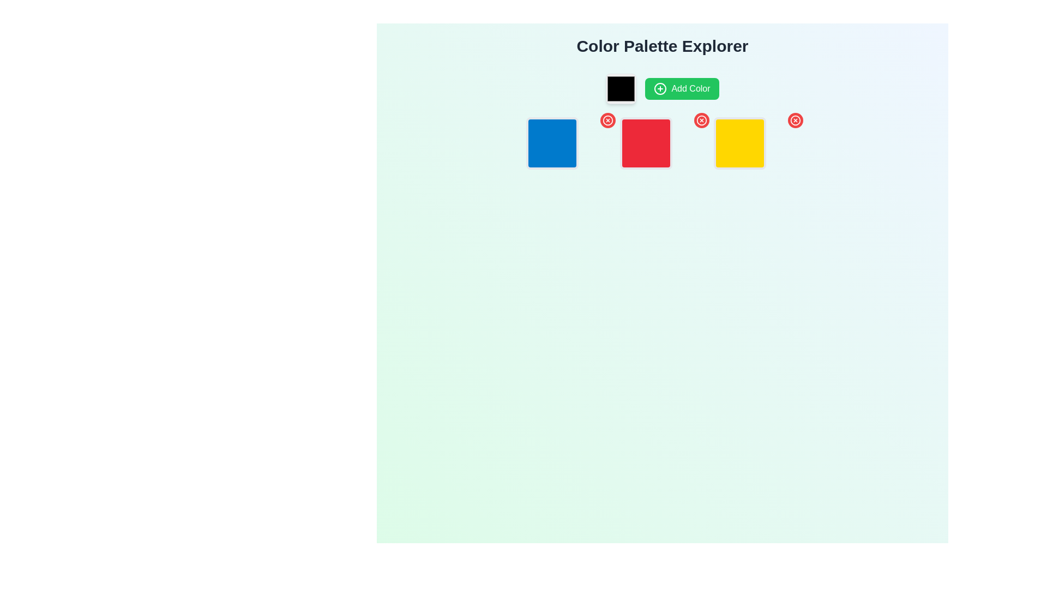  What do you see at coordinates (740, 142) in the screenshot?
I see `the Color Box that displays the yellow color` at bounding box center [740, 142].